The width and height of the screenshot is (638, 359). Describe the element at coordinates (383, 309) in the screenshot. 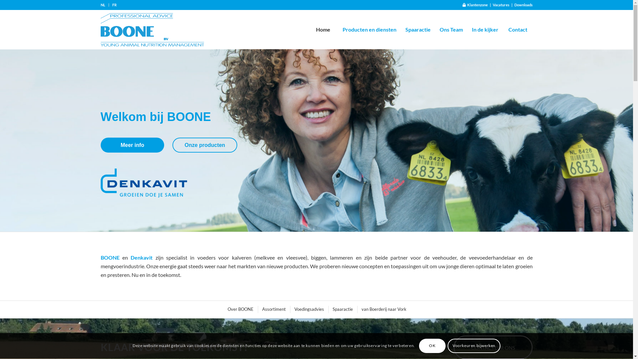

I see `'van Boerderij naar Vork'` at that location.